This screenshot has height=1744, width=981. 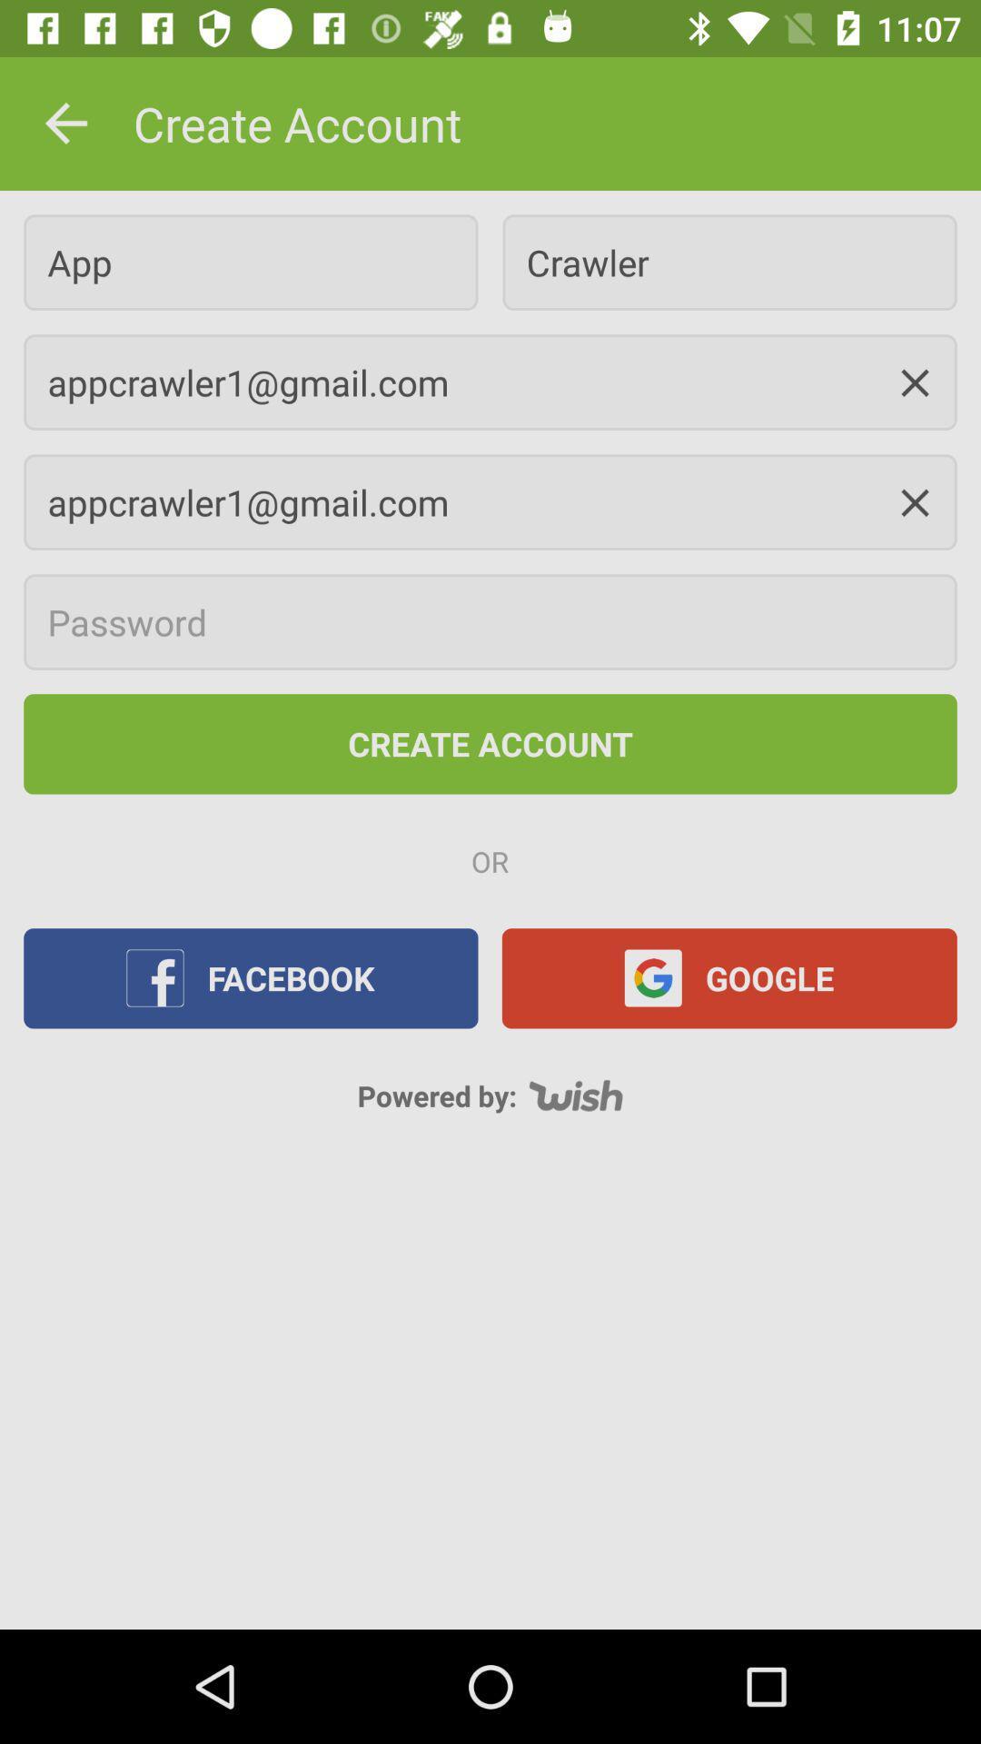 What do you see at coordinates (251, 977) in the screenshot?
I see `option before the google option at the end of the page` at bounding box center [251, 977].